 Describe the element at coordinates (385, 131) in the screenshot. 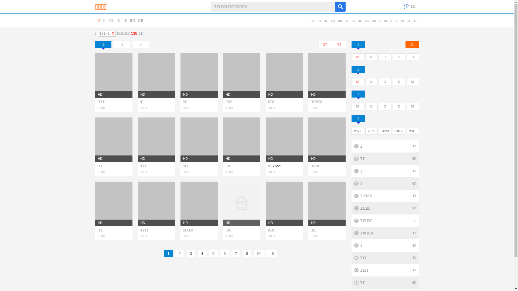

I see `'2020'` at that location.